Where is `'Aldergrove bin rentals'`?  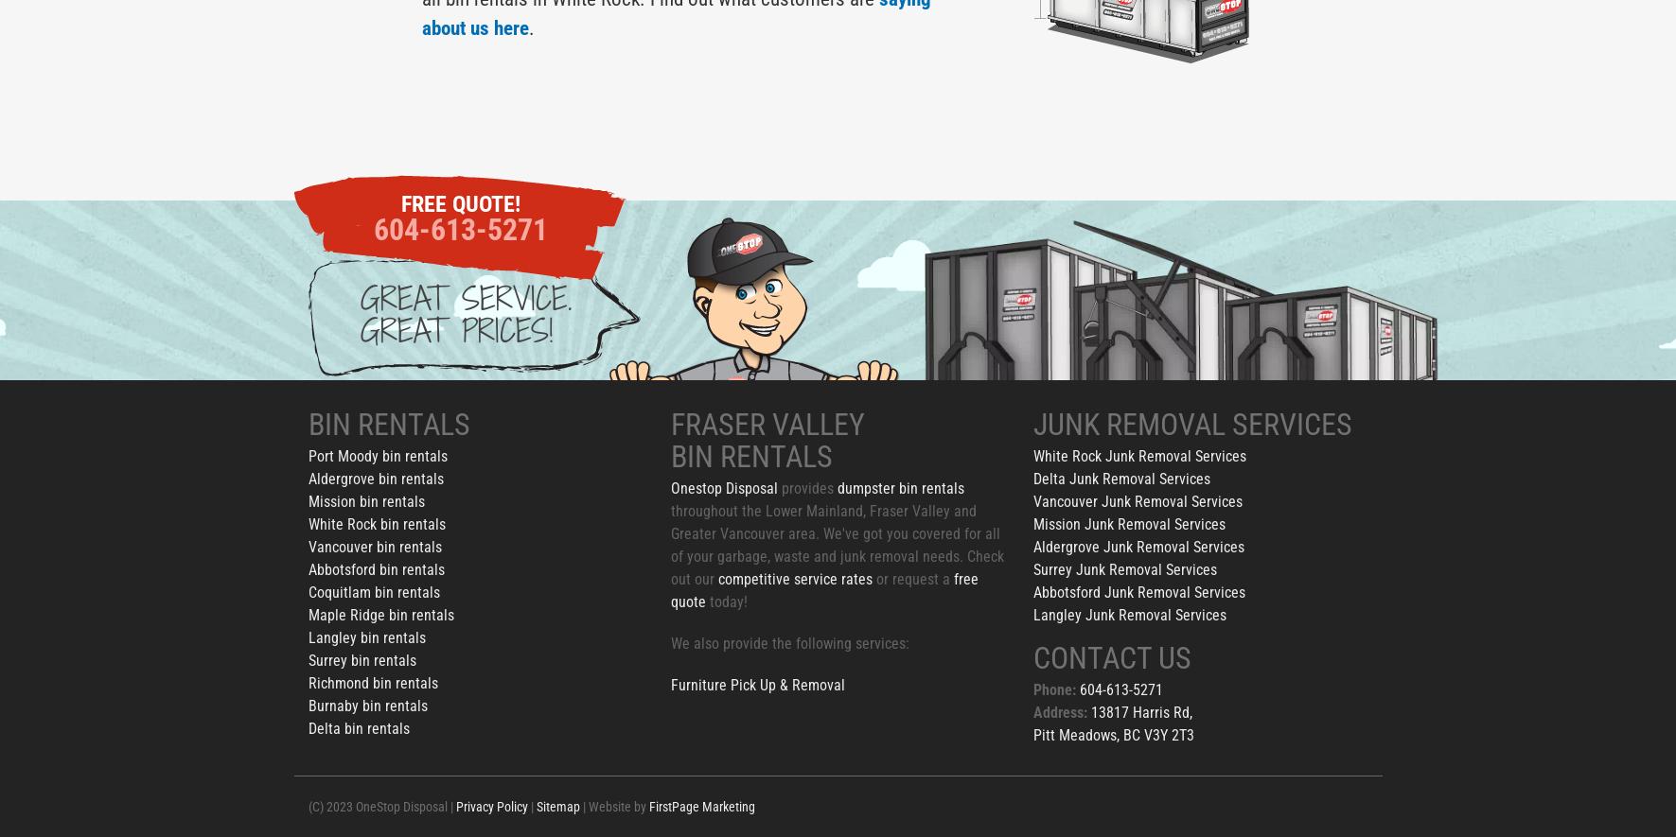
'Aldergrove bin rentals' is located at coordinates (375, 479).